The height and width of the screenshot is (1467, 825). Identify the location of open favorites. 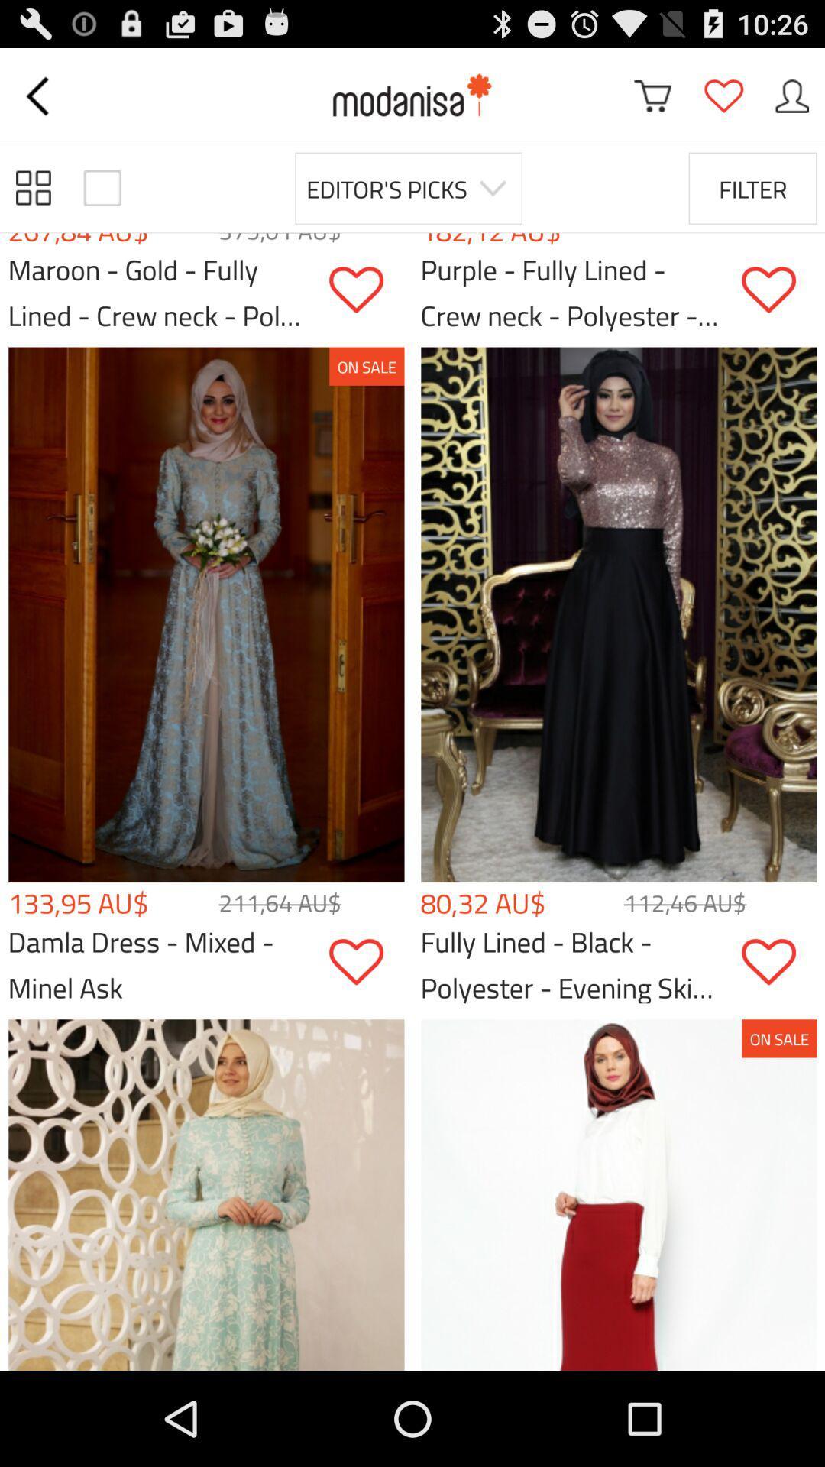
(723, 95).